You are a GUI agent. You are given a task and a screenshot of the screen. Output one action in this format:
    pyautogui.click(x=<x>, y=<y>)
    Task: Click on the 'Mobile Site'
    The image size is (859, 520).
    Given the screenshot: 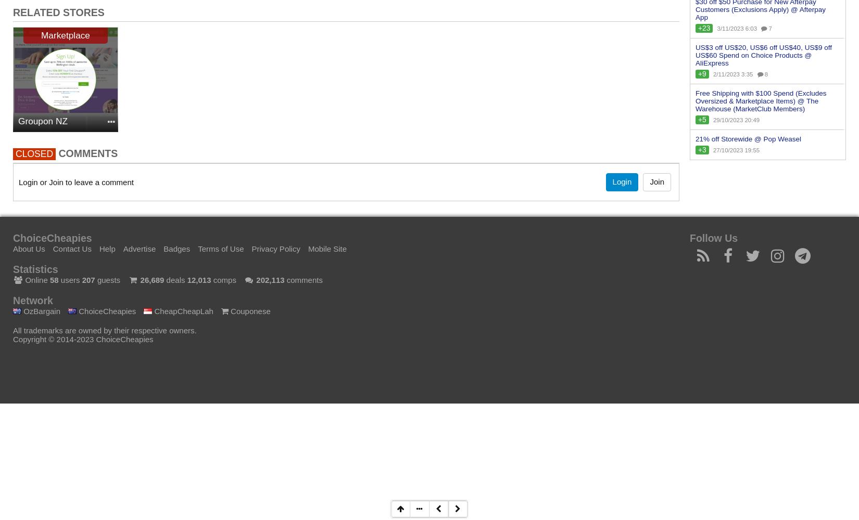 What is the action you would take?
    pyautogui.click(x=326, y=248)
    